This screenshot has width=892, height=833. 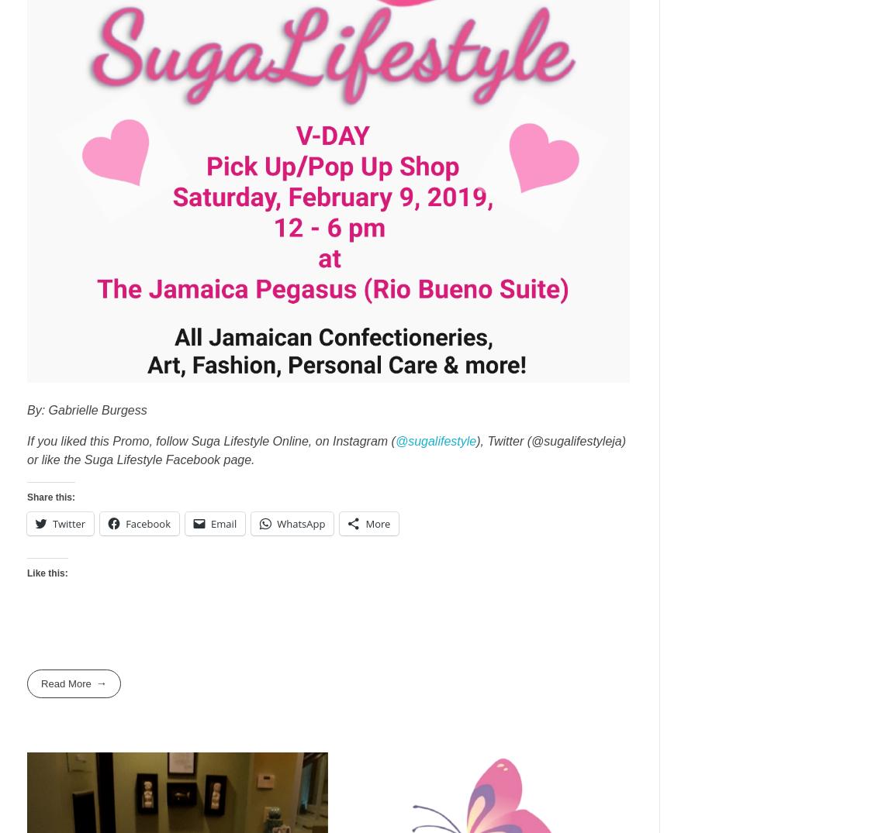 What do you see at coordinates (442, 440) in the screenshot?
I see `'sugalifestyle'` at bounding box center [442, 440].